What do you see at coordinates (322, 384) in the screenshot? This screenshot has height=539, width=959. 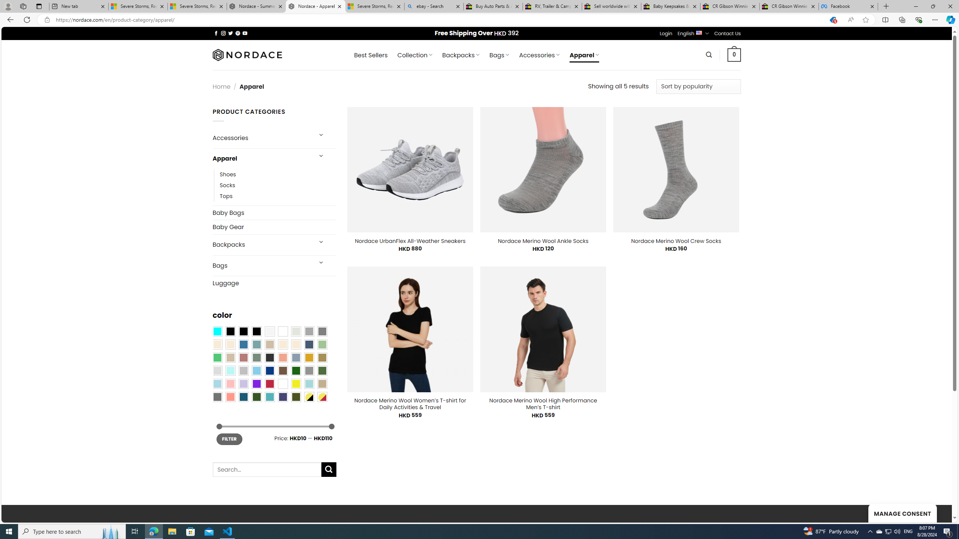 I see `'Khaki'` at bounding box center [322, 384].